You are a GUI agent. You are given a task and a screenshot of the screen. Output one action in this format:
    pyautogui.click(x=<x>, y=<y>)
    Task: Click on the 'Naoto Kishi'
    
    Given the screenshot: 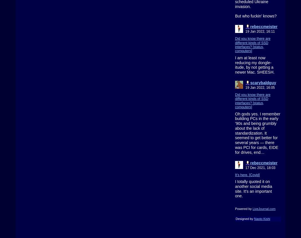 What is the action you would take?
    pyautogui.click(x=253, y=219)
    